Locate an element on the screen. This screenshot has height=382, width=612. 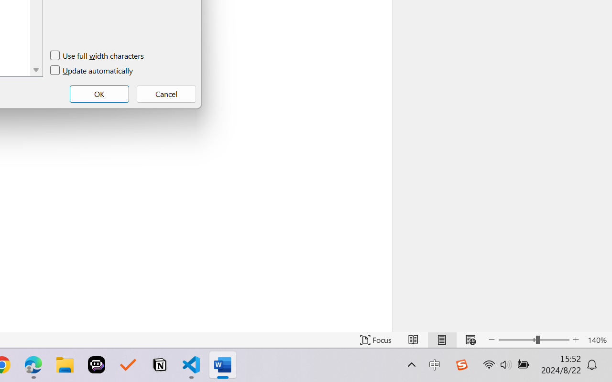
'Poe' is located at coordinates (97, 365).